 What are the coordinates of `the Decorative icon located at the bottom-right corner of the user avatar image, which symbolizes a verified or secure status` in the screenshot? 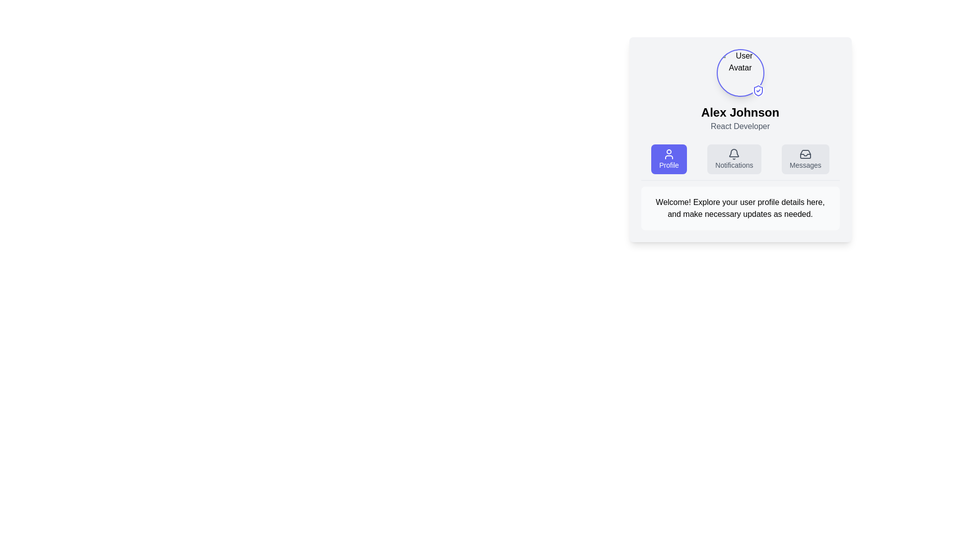 It's located at (757, 90).